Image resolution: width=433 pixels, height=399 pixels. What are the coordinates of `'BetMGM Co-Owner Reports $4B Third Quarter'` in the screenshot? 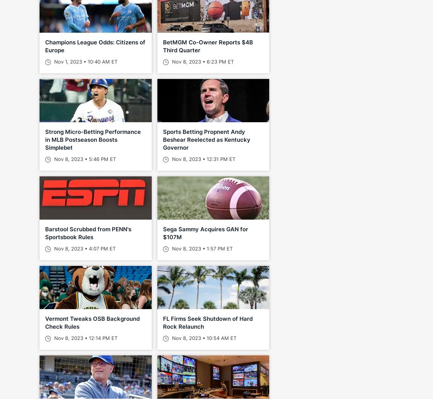 It's located at (207, 46).